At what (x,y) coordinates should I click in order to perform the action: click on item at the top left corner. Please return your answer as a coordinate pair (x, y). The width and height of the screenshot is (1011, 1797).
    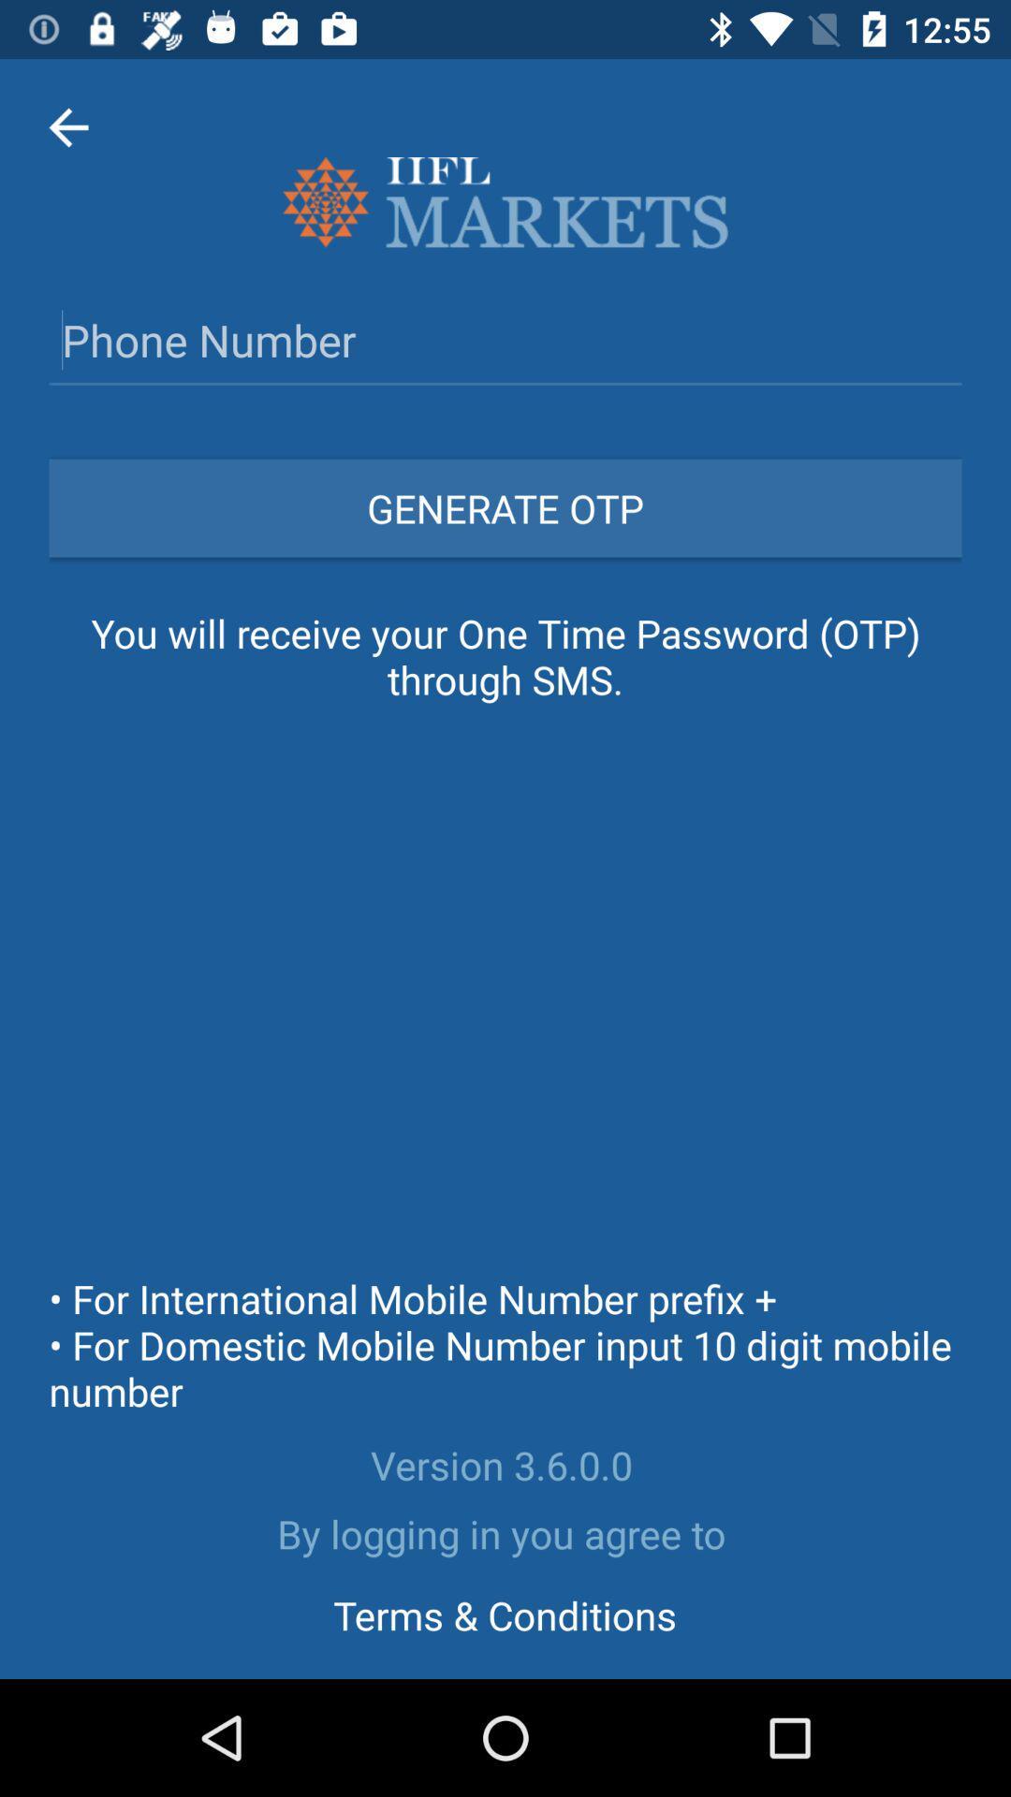
    Looking at the image, I should click on (67, 126).